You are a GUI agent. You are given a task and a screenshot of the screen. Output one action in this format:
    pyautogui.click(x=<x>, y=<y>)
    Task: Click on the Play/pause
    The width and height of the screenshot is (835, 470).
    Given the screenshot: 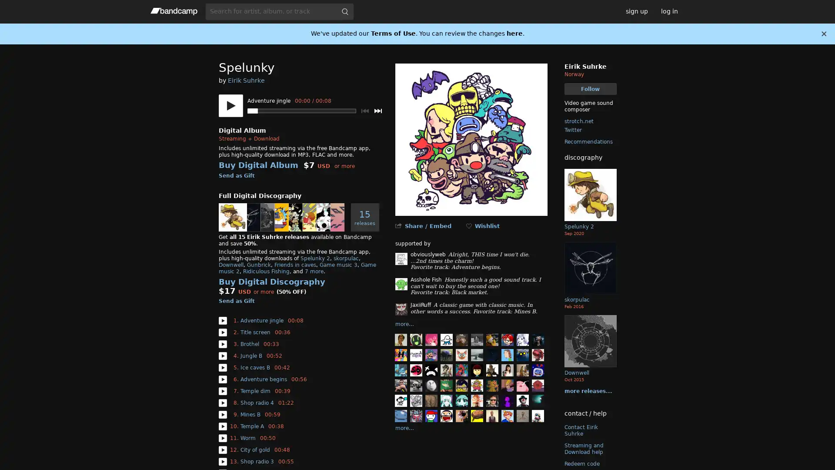 What is the action you would take?
    pyautogui.click(x=230, y=105)
    